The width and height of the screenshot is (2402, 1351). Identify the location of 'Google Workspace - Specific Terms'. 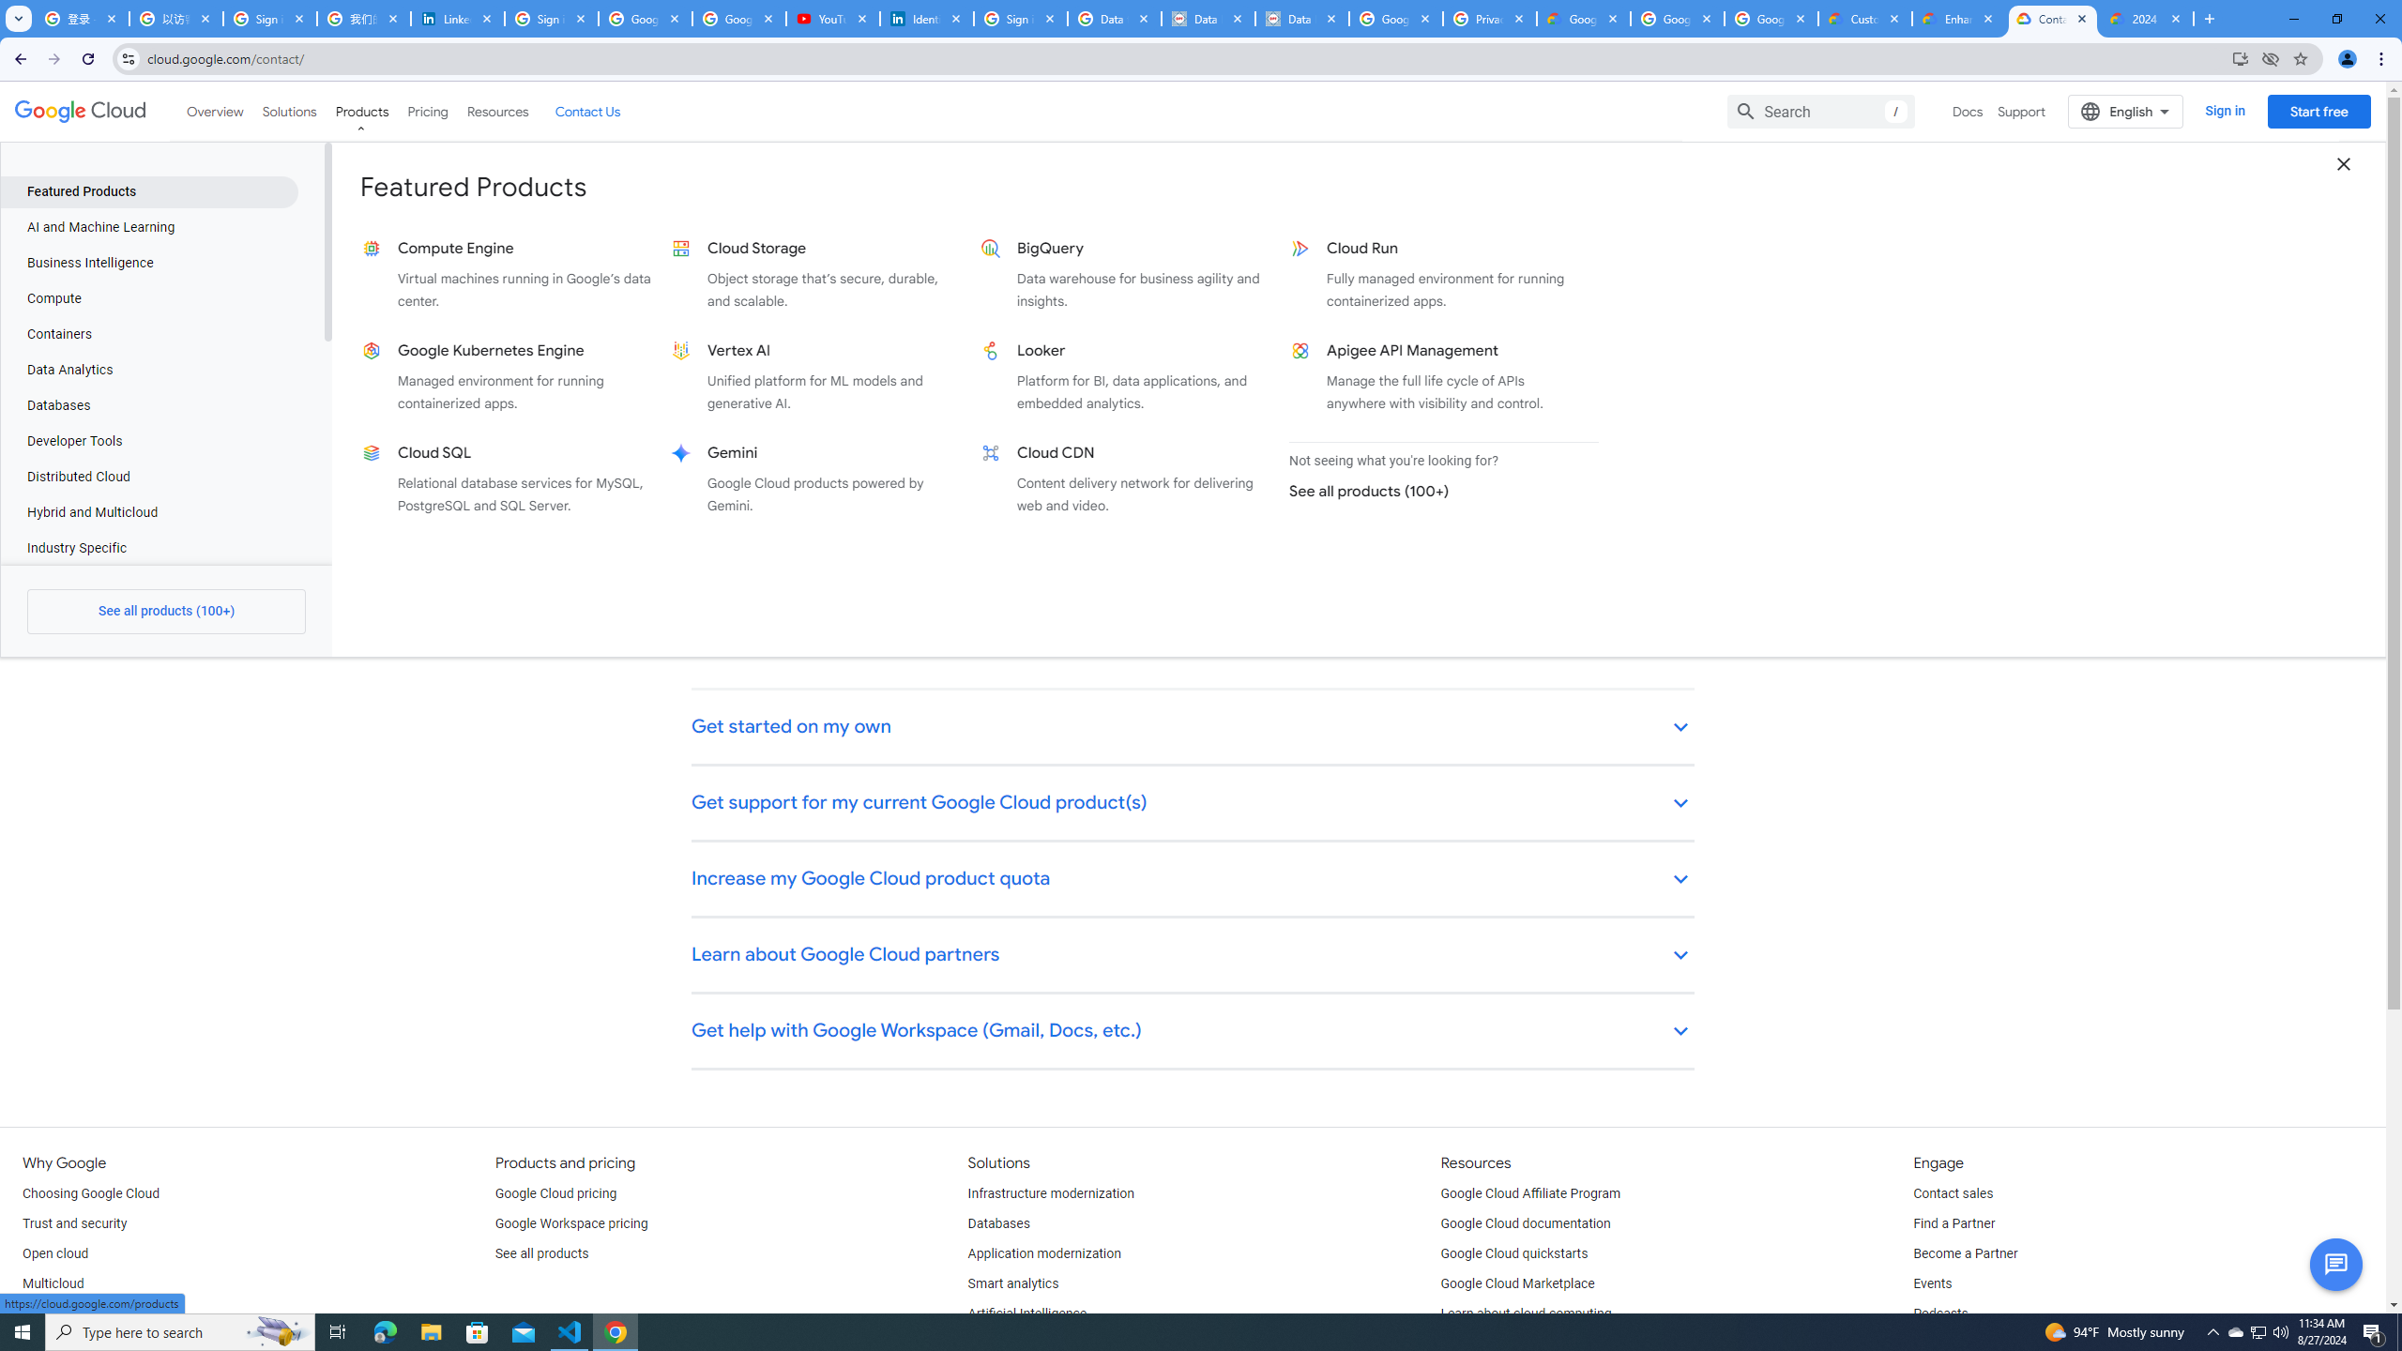
(1771, 18).